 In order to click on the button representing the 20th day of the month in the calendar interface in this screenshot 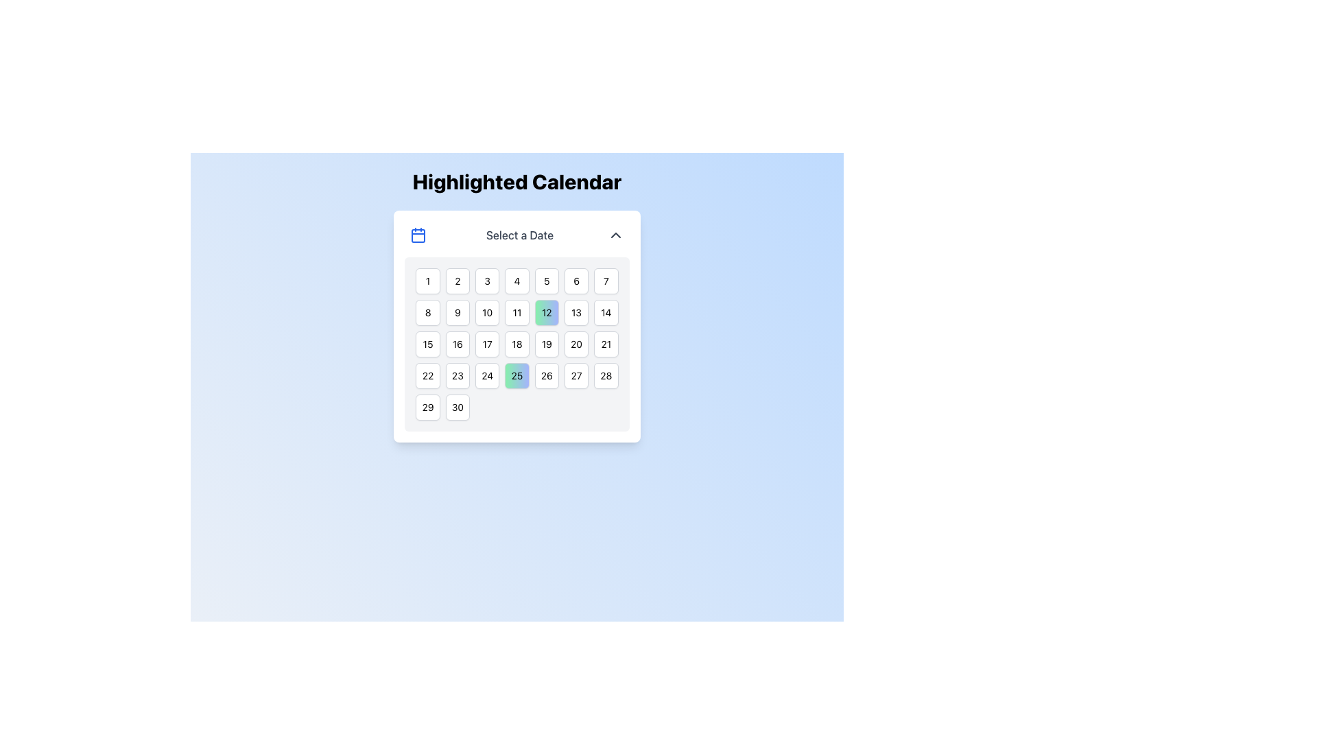, I will do `click(576, 343)`.